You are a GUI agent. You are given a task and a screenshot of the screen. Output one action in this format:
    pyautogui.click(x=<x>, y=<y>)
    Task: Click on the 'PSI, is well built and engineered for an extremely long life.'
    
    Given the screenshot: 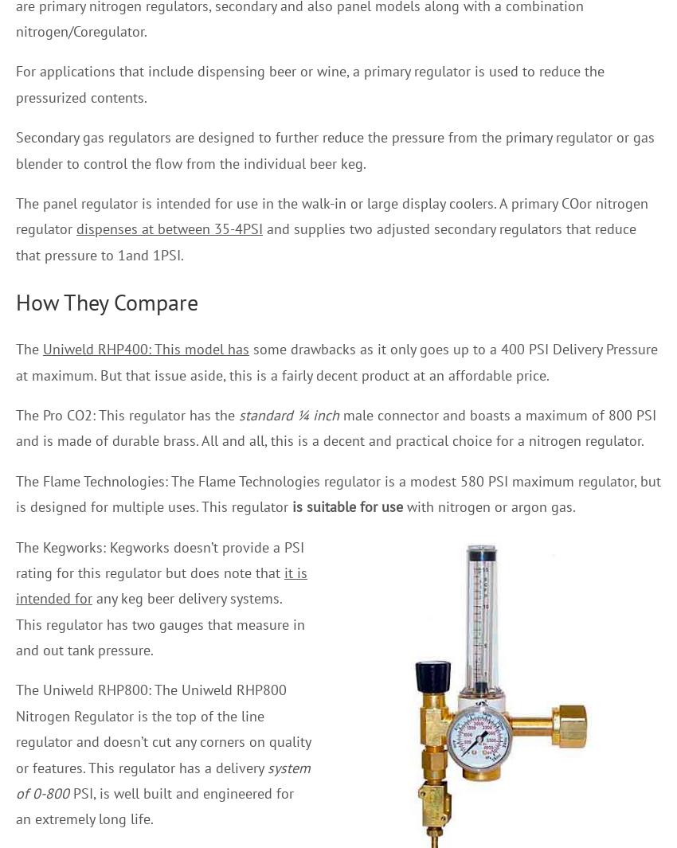 What is the action you would take?
    pyautogui.click(x=14, y=806)
    